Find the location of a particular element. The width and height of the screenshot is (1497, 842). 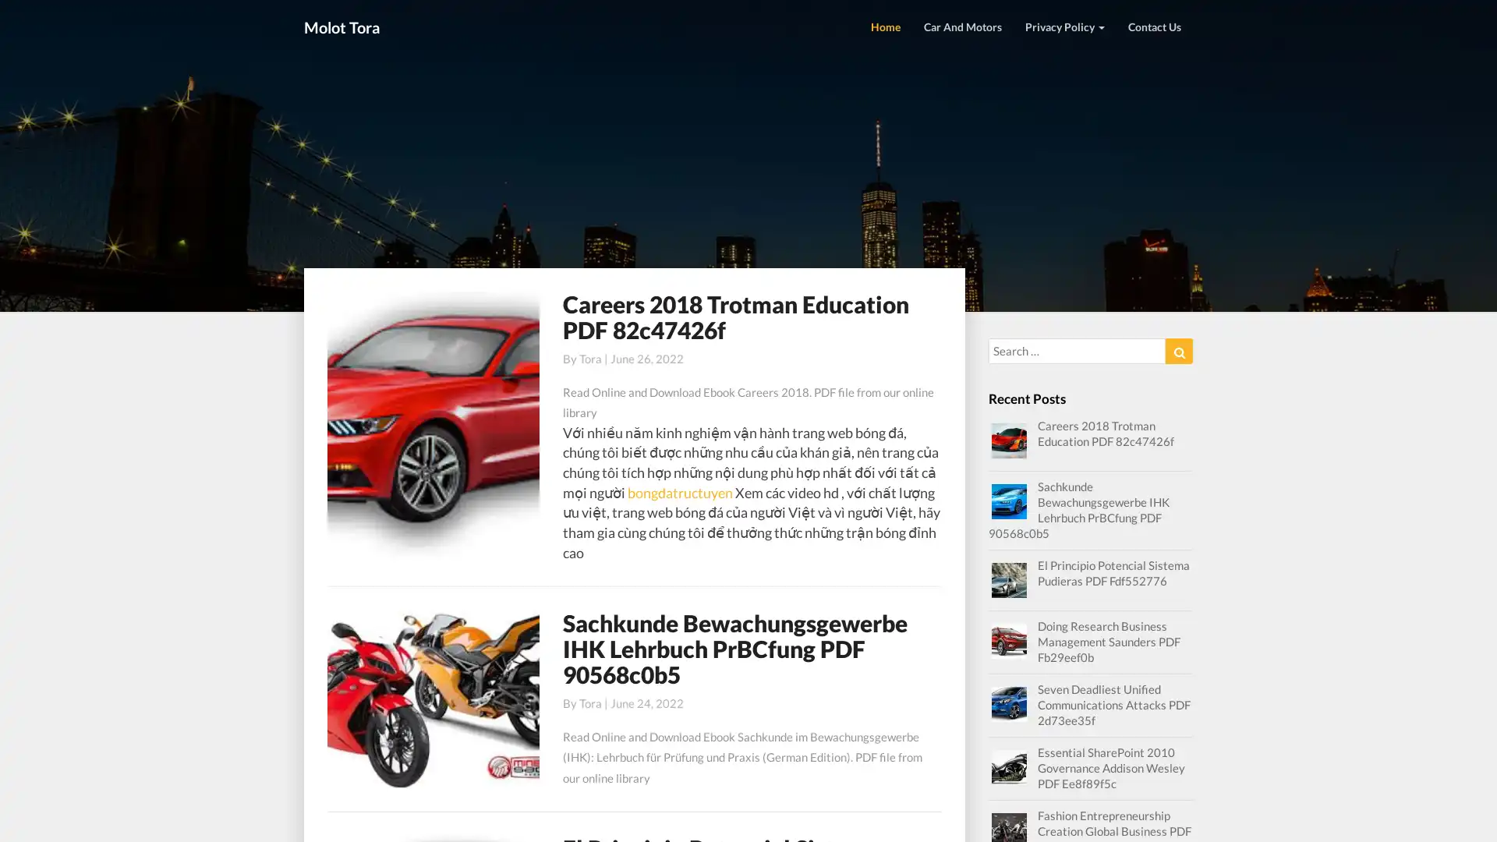

Search is located at coordinates (1179, 351).